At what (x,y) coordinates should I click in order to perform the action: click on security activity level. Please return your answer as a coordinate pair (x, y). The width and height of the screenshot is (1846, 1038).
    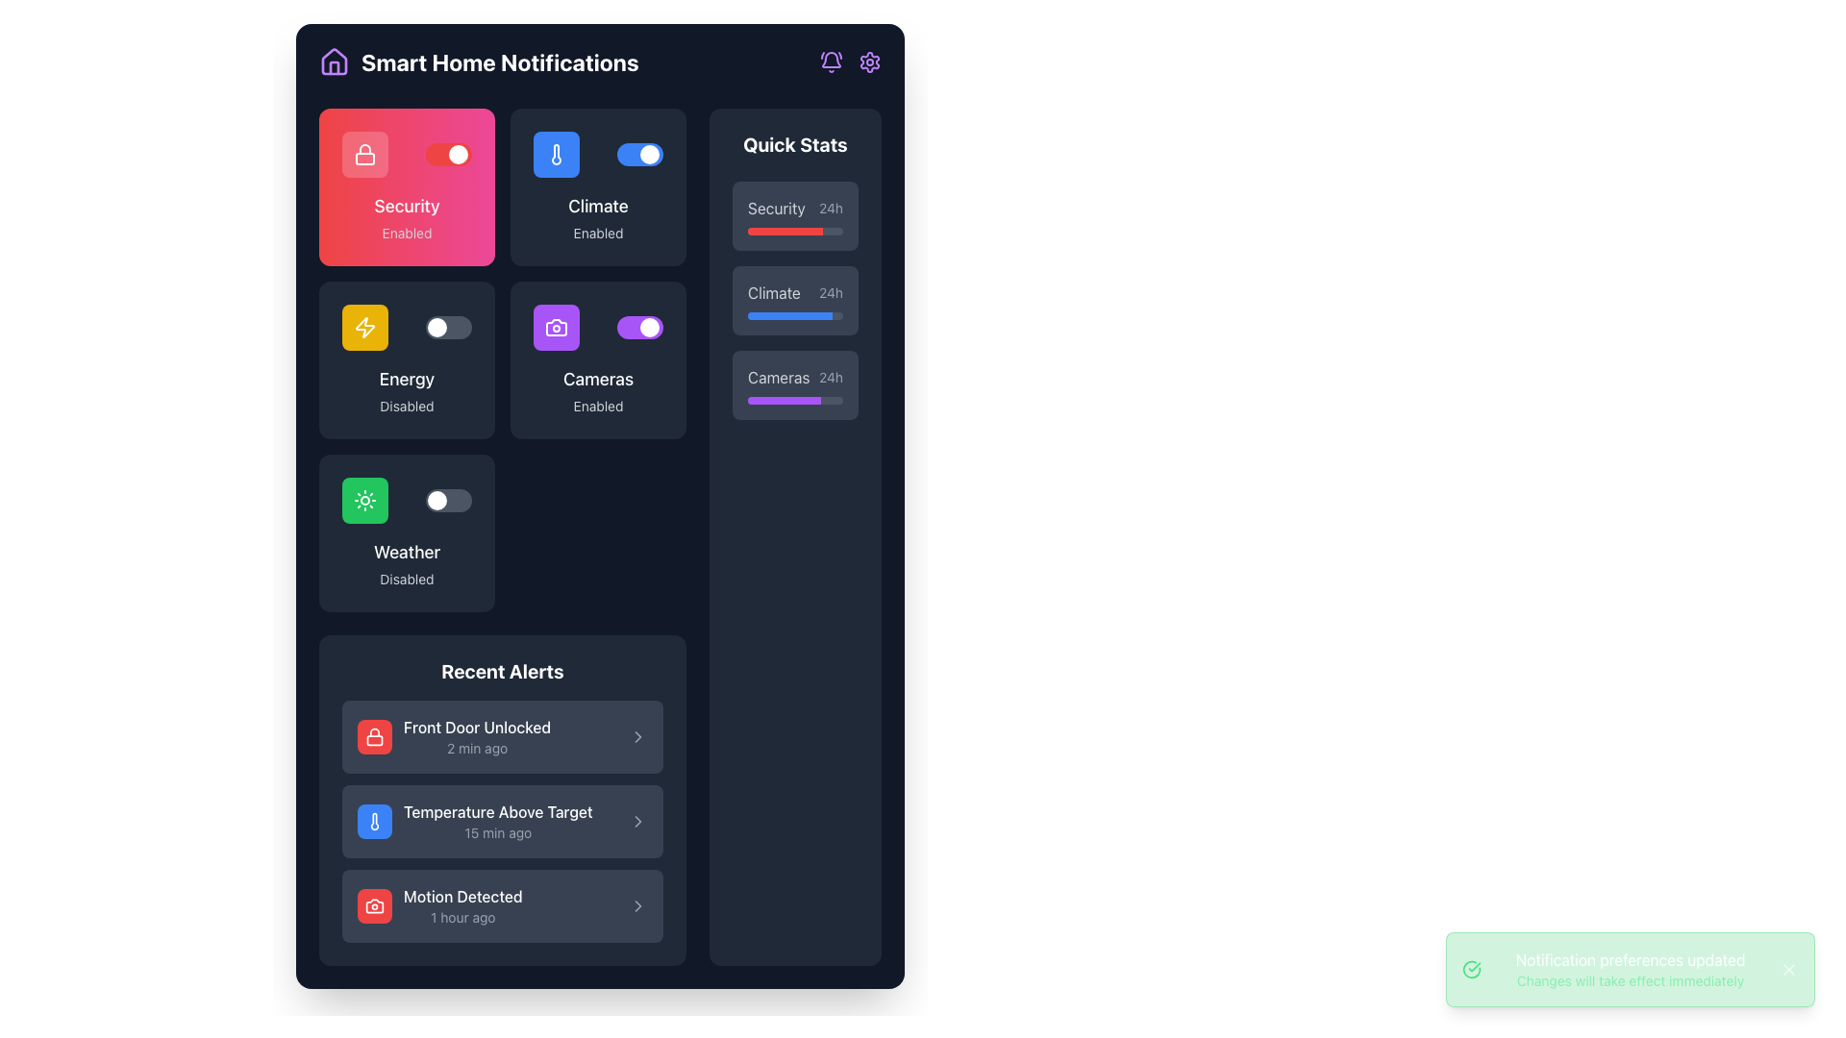
    Looking at the image, I should click on (787, 230).